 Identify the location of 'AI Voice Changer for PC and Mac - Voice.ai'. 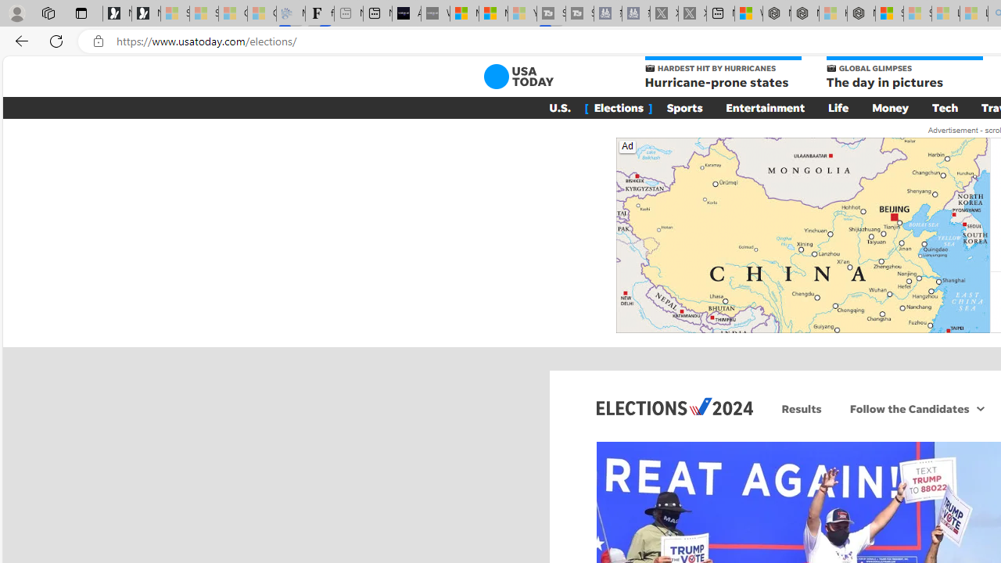
(406, 13).